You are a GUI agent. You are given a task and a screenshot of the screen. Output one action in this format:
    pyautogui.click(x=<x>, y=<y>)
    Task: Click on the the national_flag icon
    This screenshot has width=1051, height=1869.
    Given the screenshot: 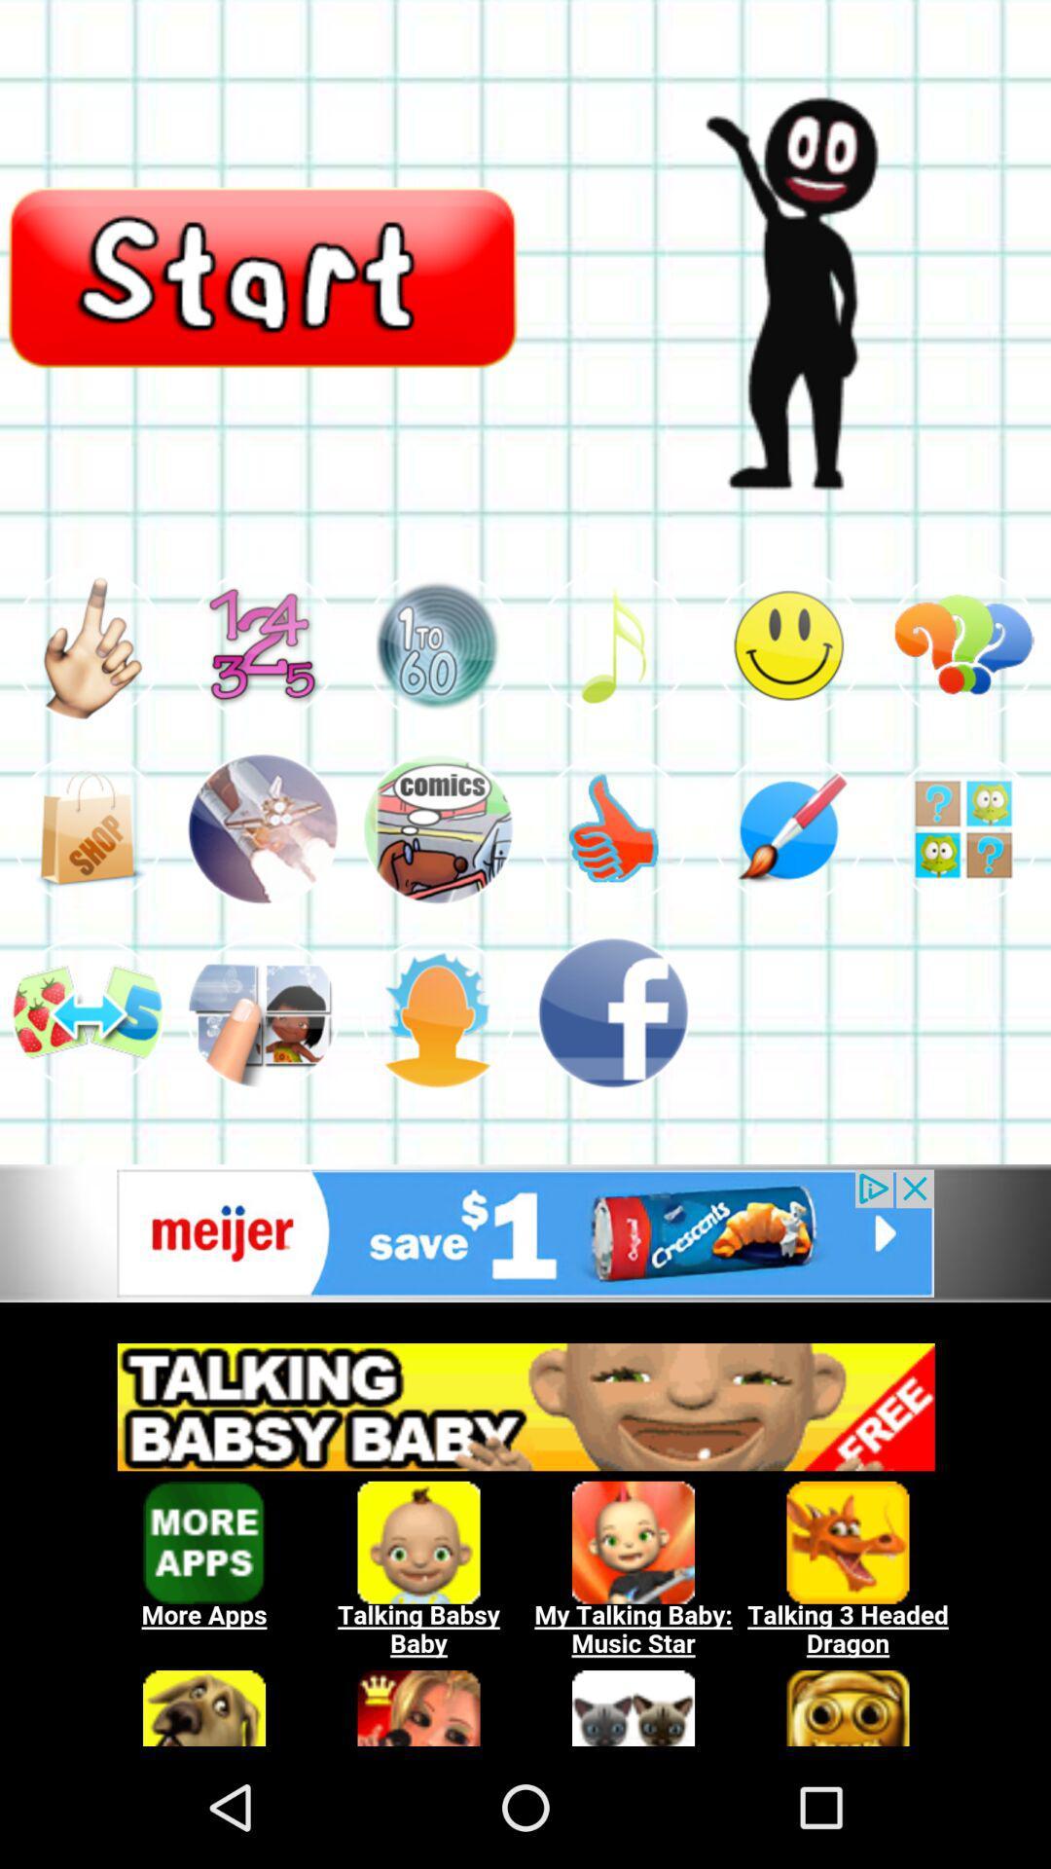 What is the action you would take?
    pyautogui.click(x=438, y=886)
    